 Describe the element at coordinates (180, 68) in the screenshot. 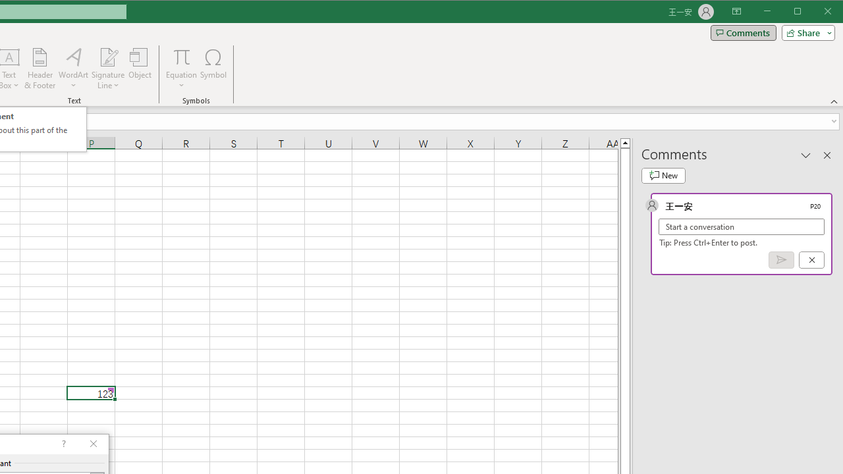

I see `'Equation'` at that location.